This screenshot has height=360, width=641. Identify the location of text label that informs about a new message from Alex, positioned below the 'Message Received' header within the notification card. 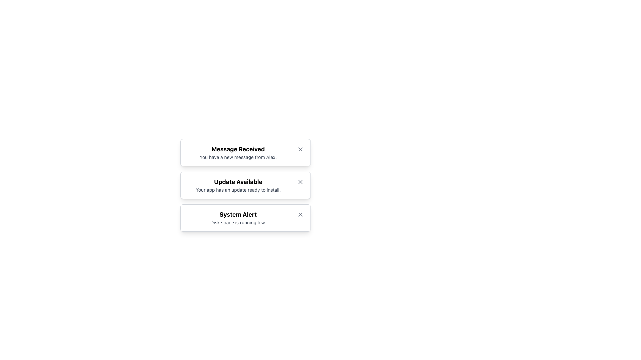
(238, 157).